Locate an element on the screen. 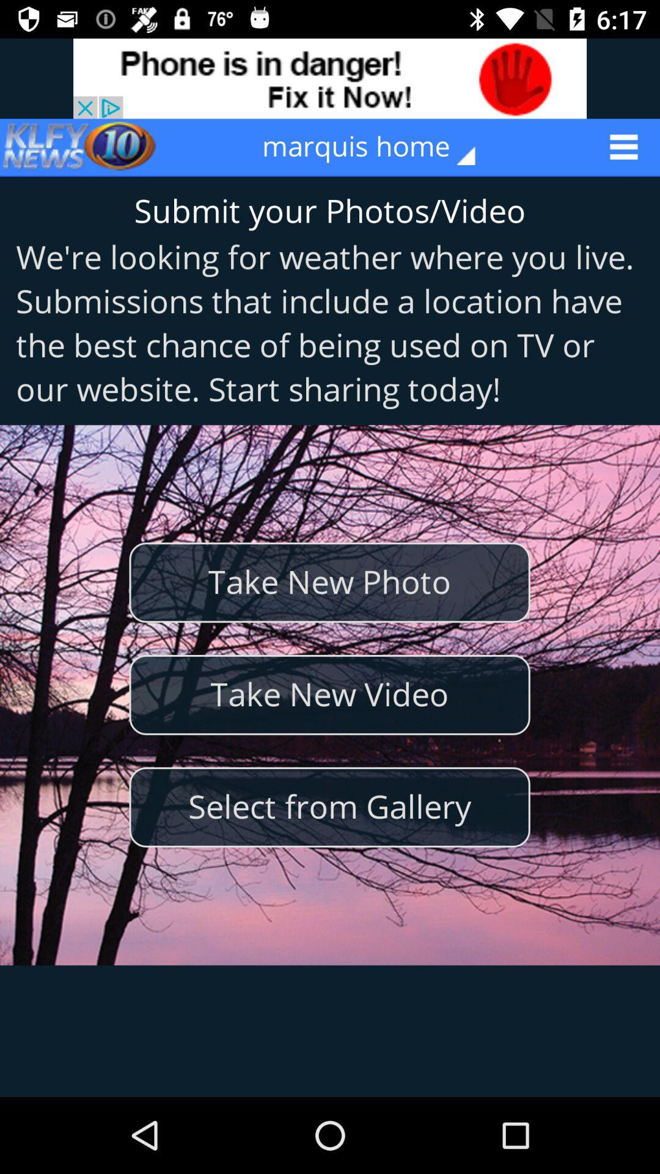 The height and width of the screenshot is (1174, 660). item next to the marquis home item is located at coordinates (80, 147).